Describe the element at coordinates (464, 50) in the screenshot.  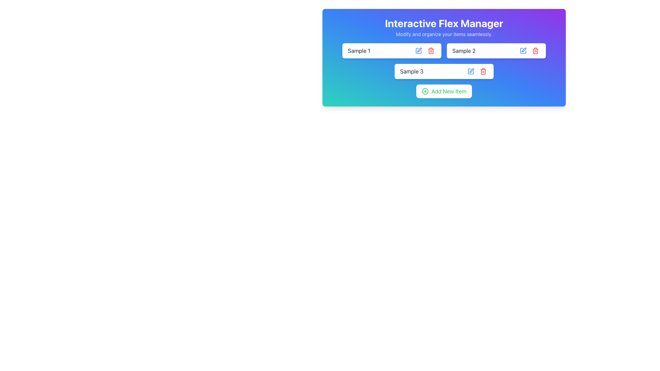
I see `the text label element displaying 'Sample 2', which is positioned to the right of 'Sample 1' and above 'Sample 3' in a vertical list within a card-like interface` at that location.